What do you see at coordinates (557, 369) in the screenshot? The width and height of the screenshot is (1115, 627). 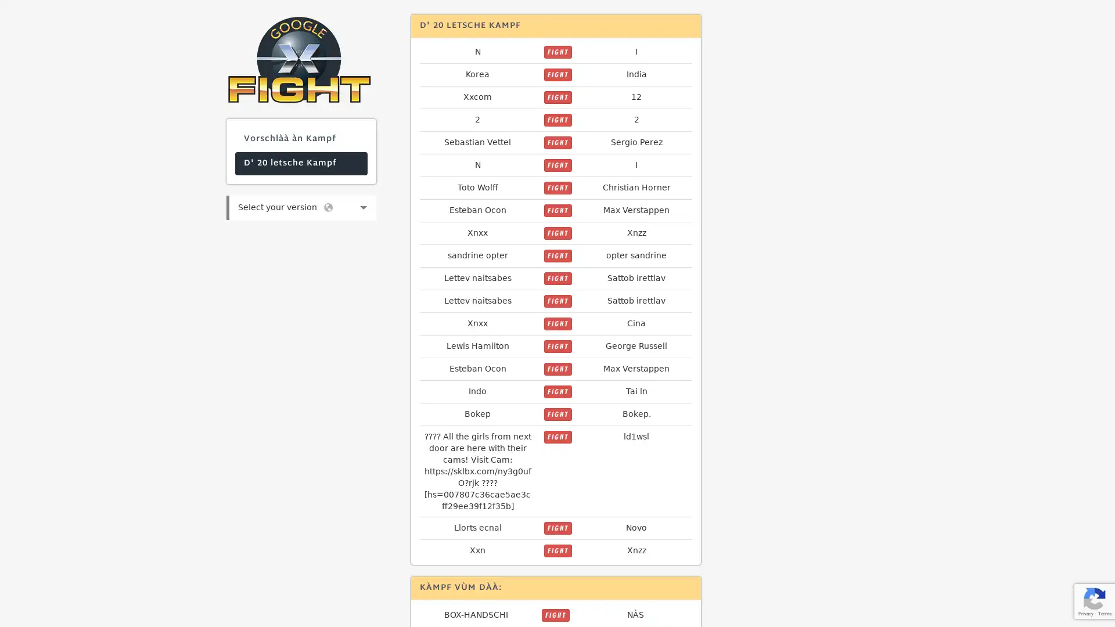 I see `FIGHT` at bounding box center [557, 369].